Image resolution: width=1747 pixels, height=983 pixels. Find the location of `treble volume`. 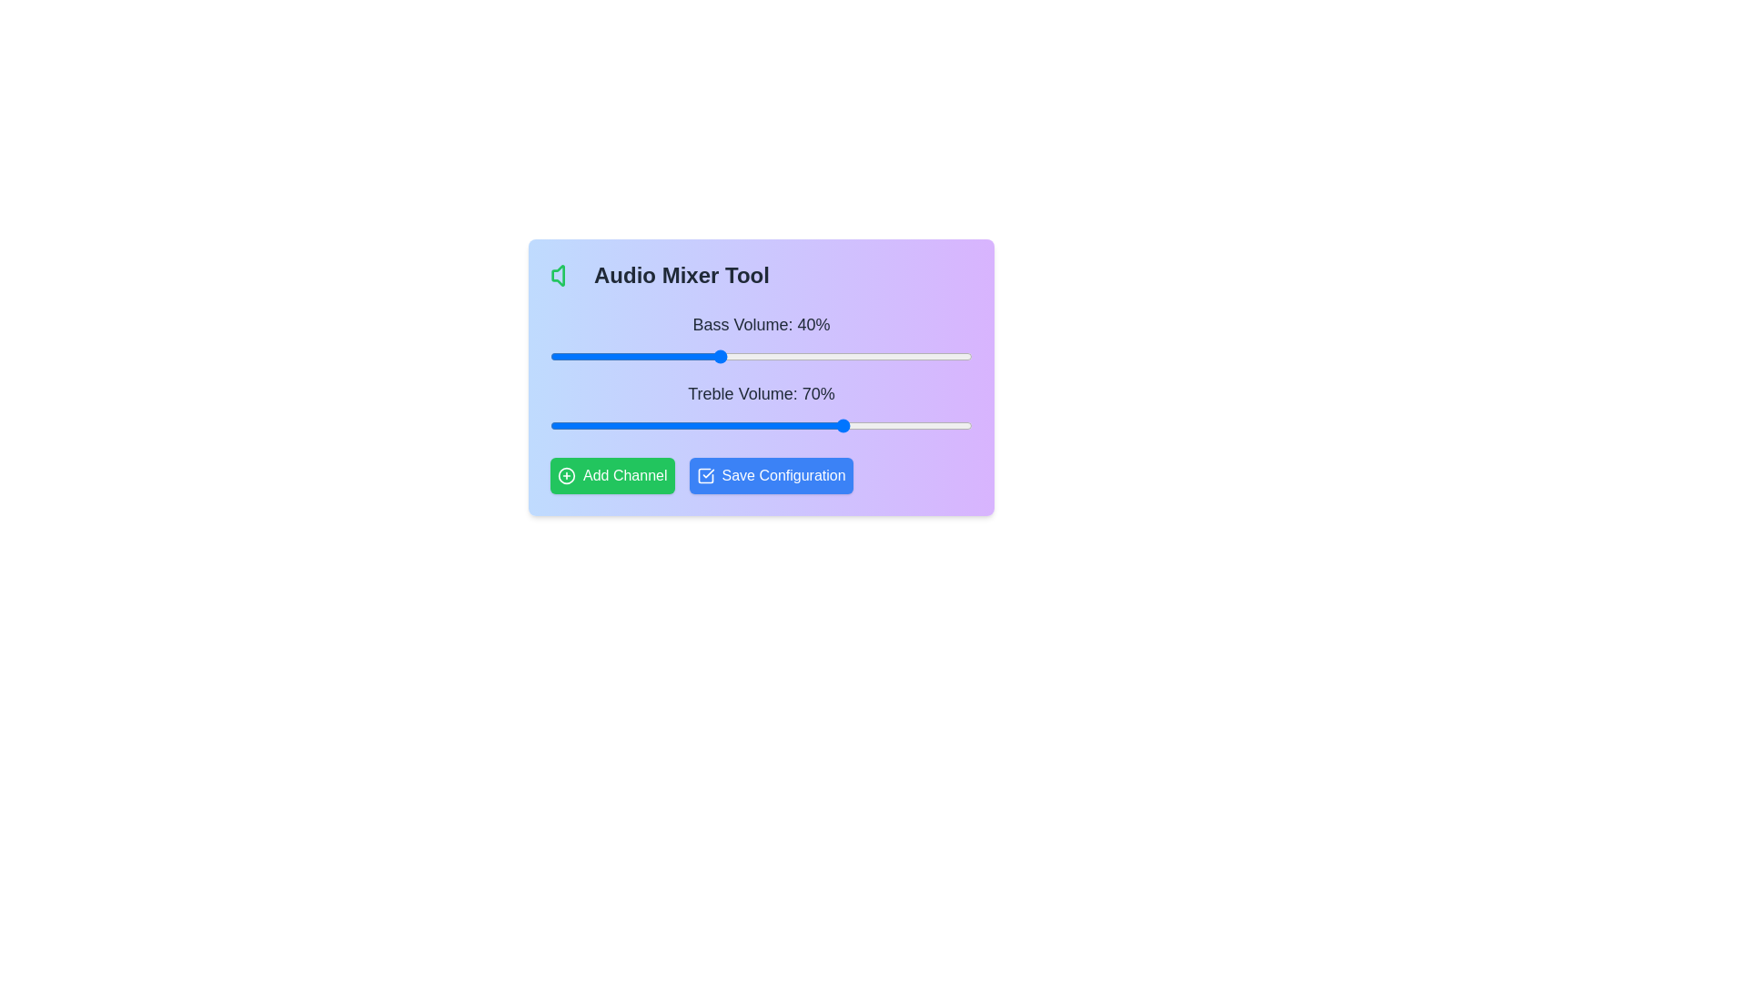

treble volume is located at coordinates (643, 425).